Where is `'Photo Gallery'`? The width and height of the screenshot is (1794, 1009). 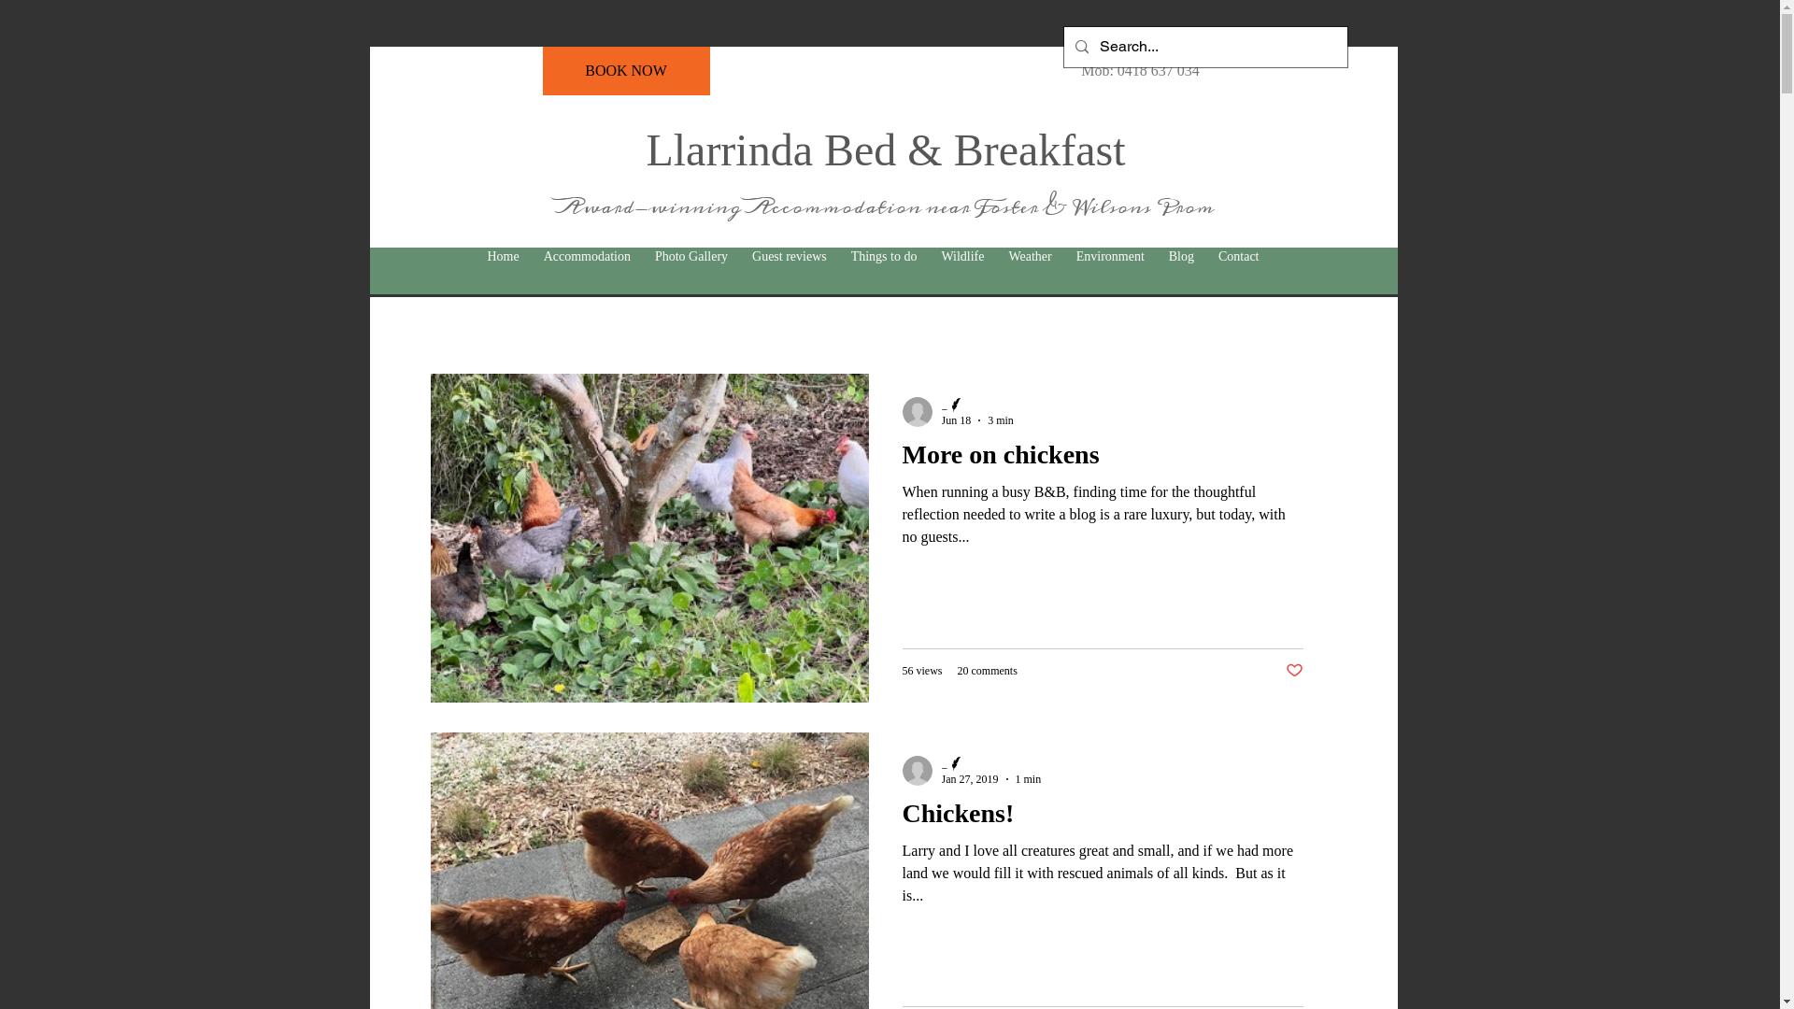 'Photo Gallery' is located at coordinates (690, 256).